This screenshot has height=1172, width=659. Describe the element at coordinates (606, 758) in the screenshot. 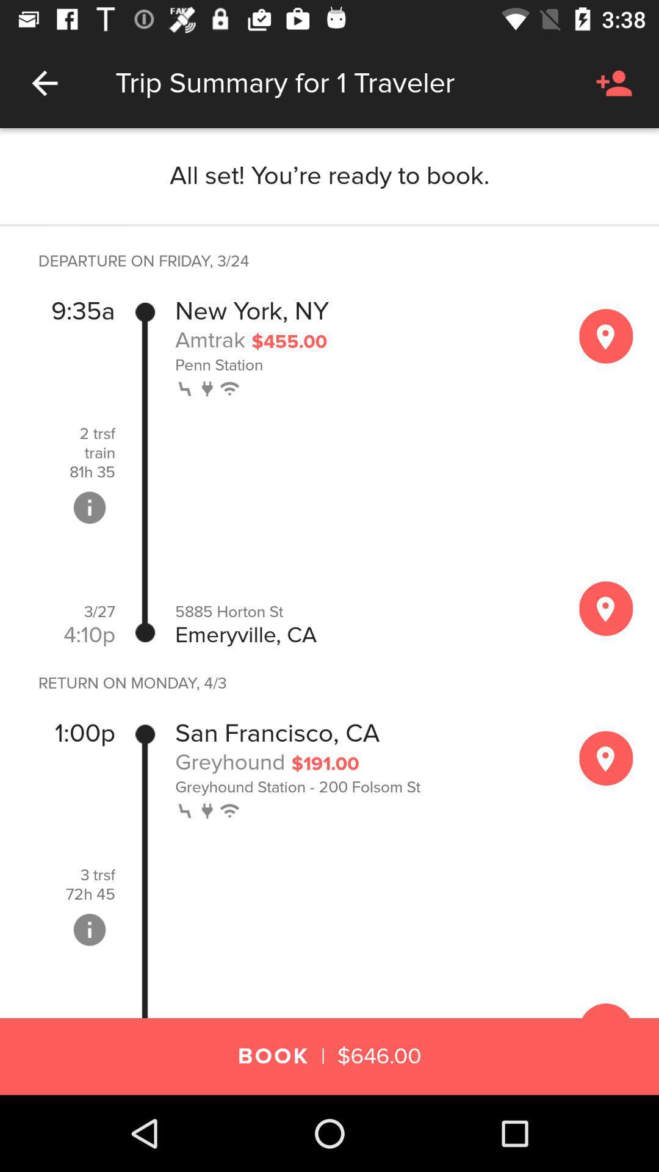

I see `see map of area` at that location.